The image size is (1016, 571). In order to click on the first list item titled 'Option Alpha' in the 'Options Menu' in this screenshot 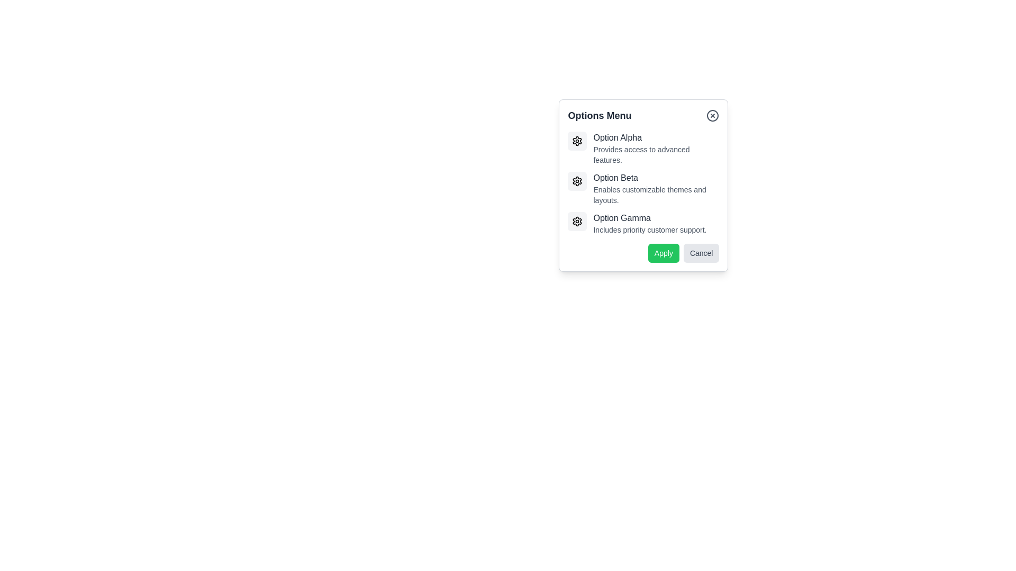, I will do `click(656, 149)`.